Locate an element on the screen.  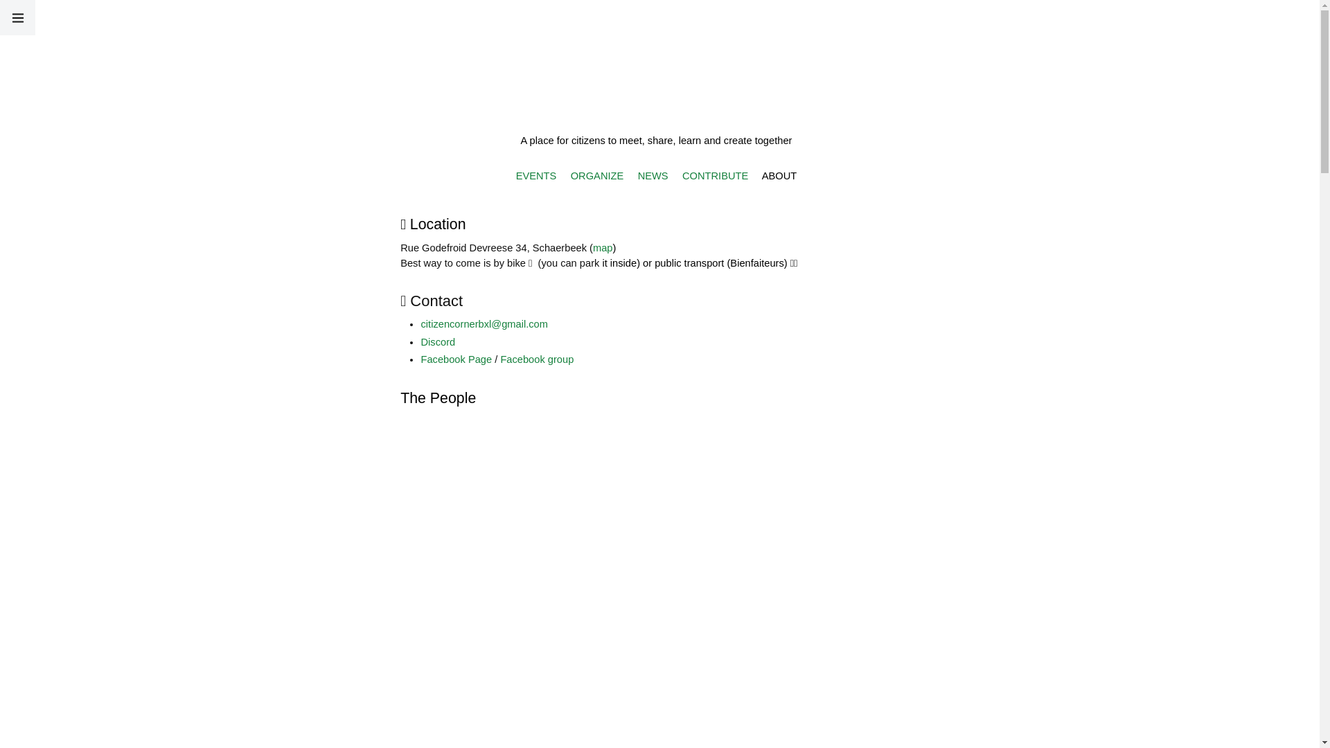
'NEWS' is located at coordinates (652, 175).